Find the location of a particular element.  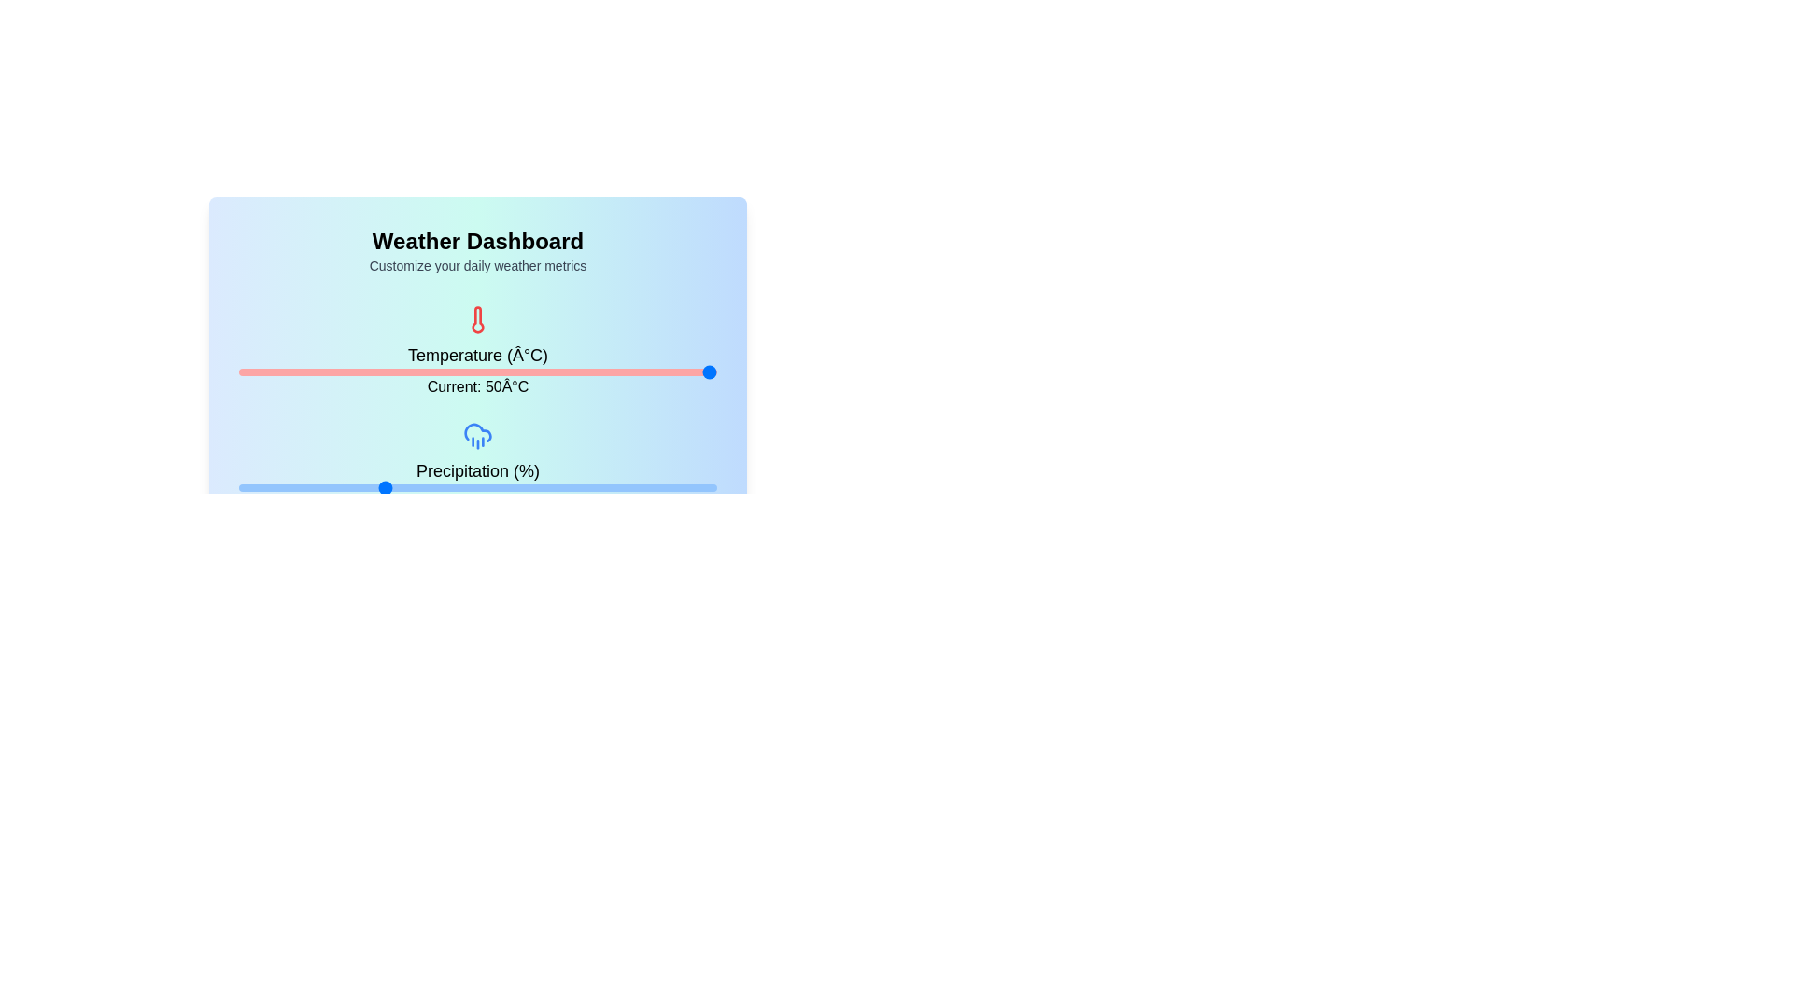

the temperature is located at coordinates (265, 371).